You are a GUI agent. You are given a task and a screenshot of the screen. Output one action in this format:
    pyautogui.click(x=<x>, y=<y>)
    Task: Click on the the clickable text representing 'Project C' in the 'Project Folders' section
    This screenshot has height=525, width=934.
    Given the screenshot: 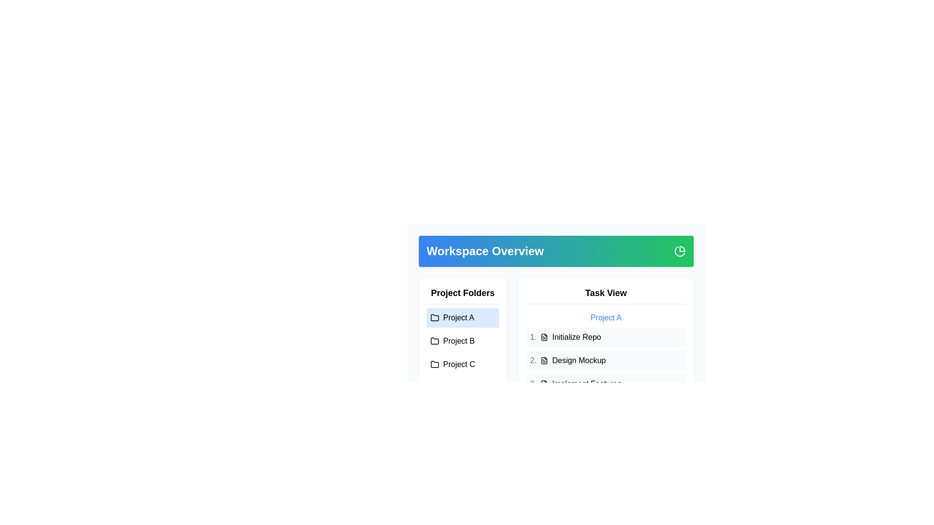 What is the action you would take?
    pyautogui.click(x=462, y=364)
    